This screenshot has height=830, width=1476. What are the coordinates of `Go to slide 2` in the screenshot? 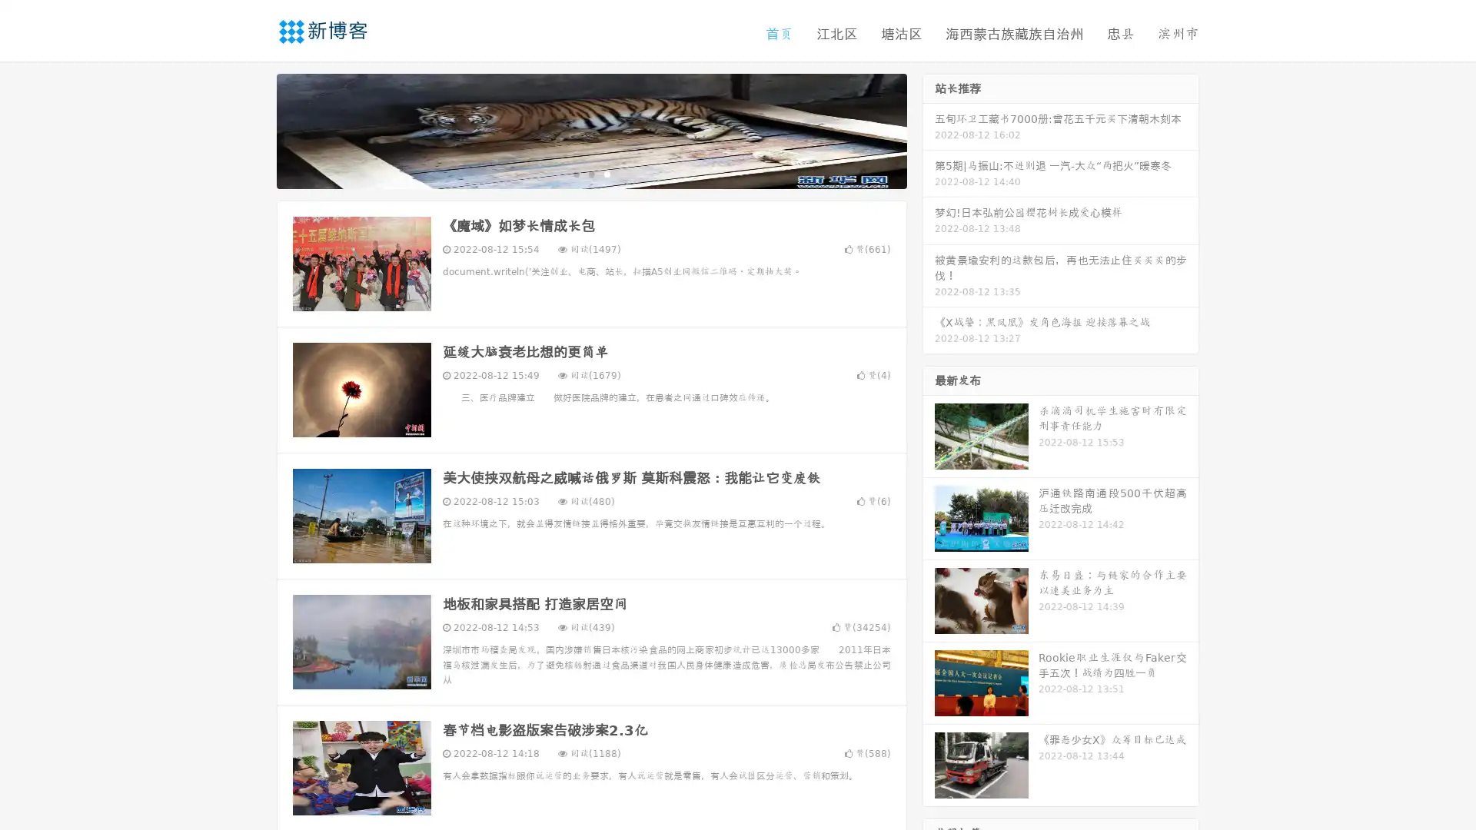 It's located at (590, 173).